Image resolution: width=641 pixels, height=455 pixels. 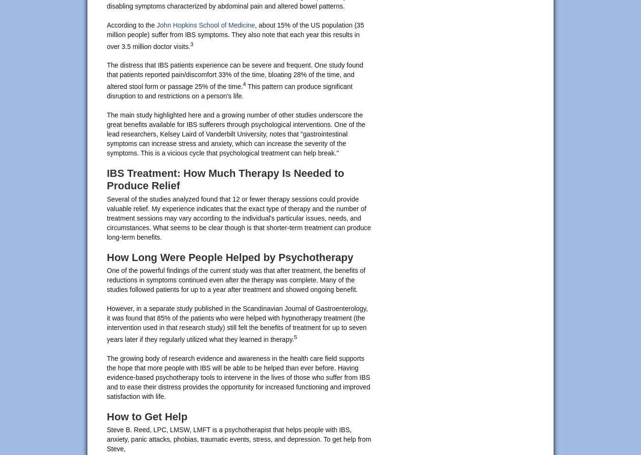 I want to click on 'One of the powerful findings of the current study was that after treatment, the benefits of reductions in symptoms continued even after the therapy was complete. Many of the studies followed patients for up to a year after treatment and showed ongoing benefit.', so click(x=235, y=280).